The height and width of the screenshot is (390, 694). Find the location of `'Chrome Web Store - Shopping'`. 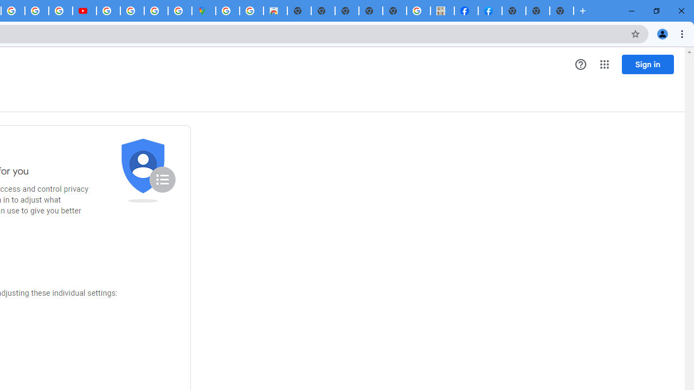

'Chrome Web Store - Shopping' is located at coordinates (275, 11).